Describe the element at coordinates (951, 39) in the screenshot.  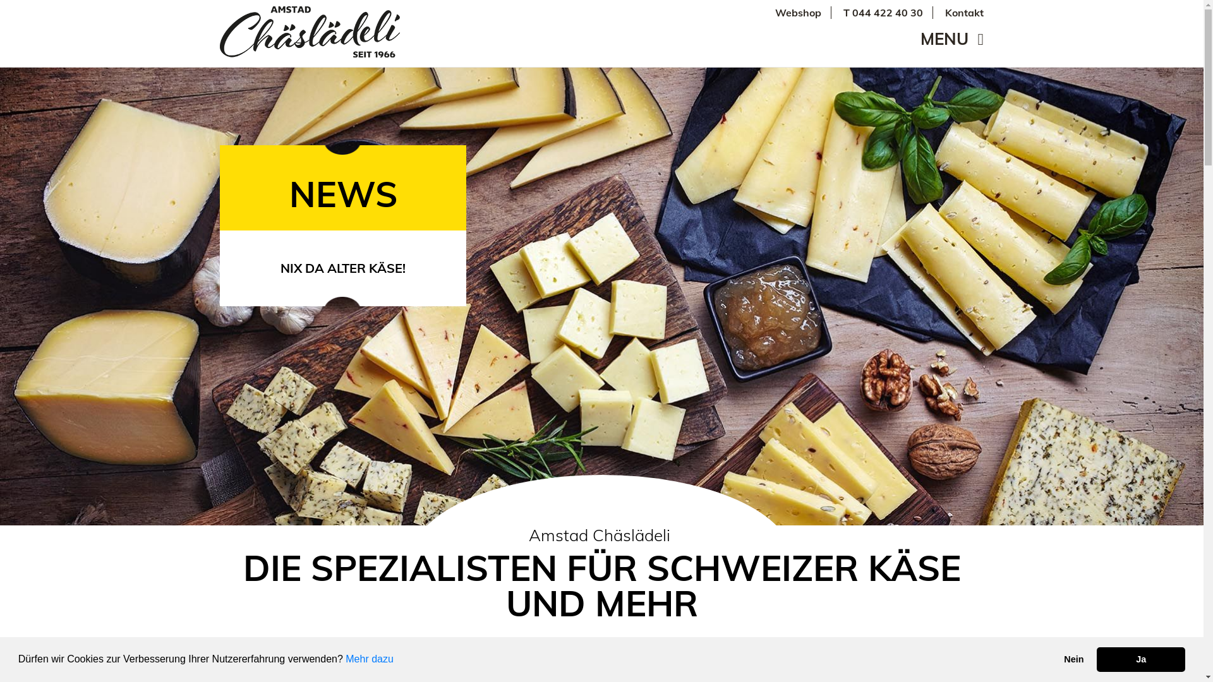
I see `'MENU'` at that location.